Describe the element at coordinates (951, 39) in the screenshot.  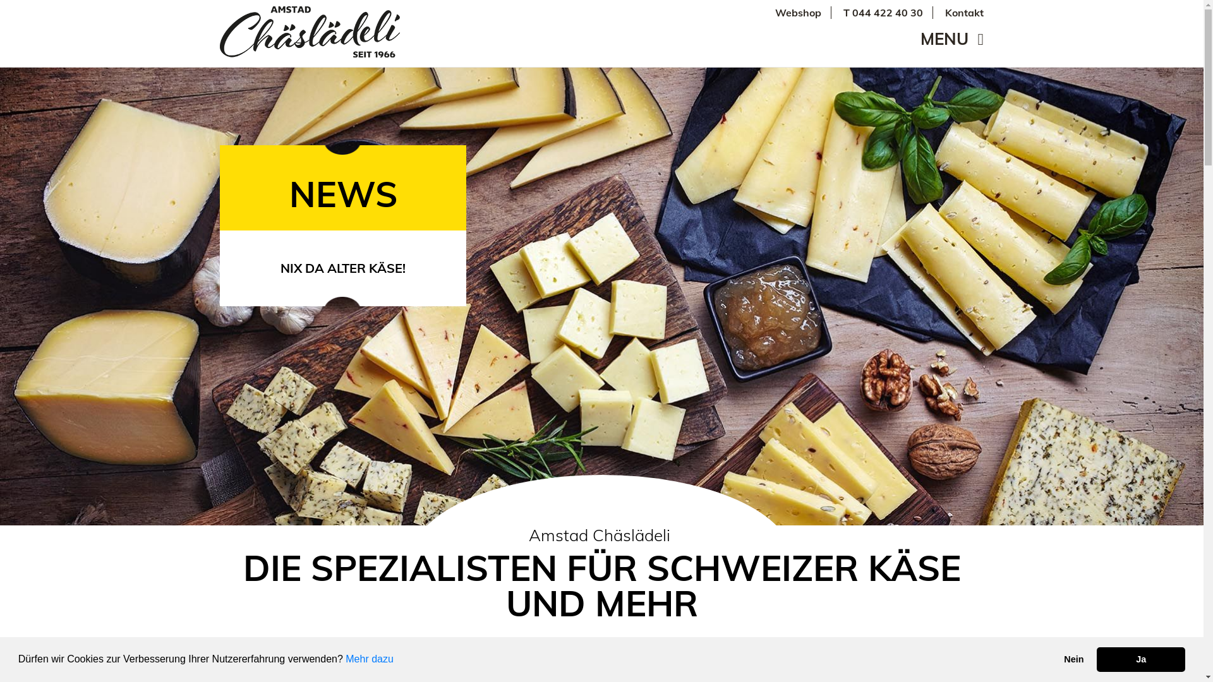
I see `'MENU'` at that location.